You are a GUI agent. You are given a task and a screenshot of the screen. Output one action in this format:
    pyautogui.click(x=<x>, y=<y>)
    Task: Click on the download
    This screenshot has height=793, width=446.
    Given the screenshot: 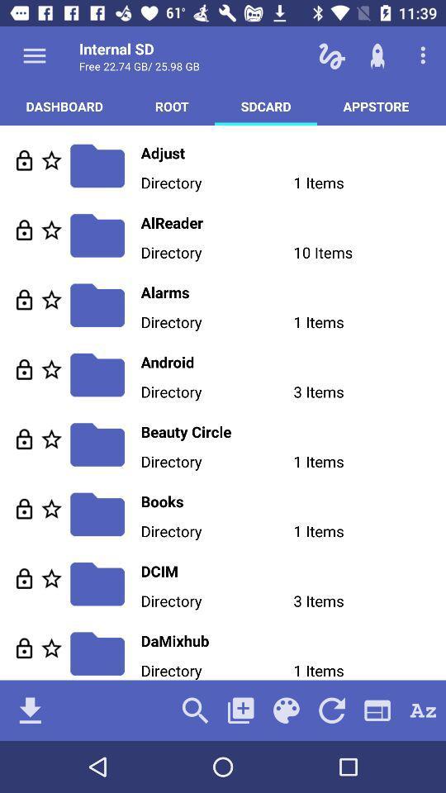 What is the action you would take?
    pyautogui.click(x=30, y=710)
    